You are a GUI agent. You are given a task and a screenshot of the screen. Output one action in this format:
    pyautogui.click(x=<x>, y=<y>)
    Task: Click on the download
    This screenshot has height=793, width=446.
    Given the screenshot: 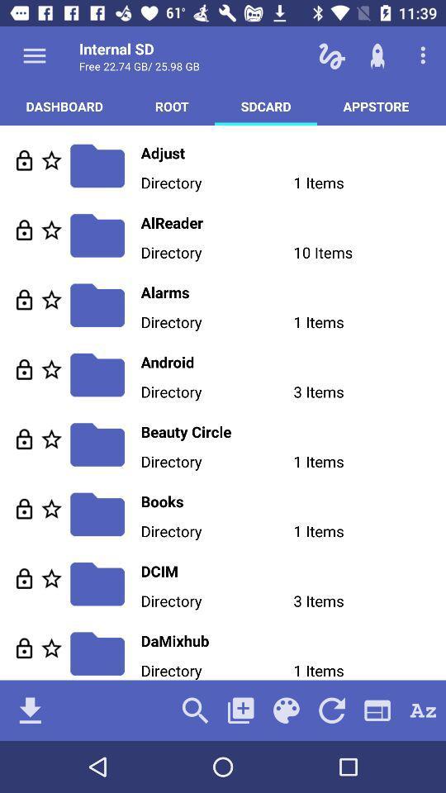 What is the action you would take?
    pyautogui.click(x=30, y=710)
    